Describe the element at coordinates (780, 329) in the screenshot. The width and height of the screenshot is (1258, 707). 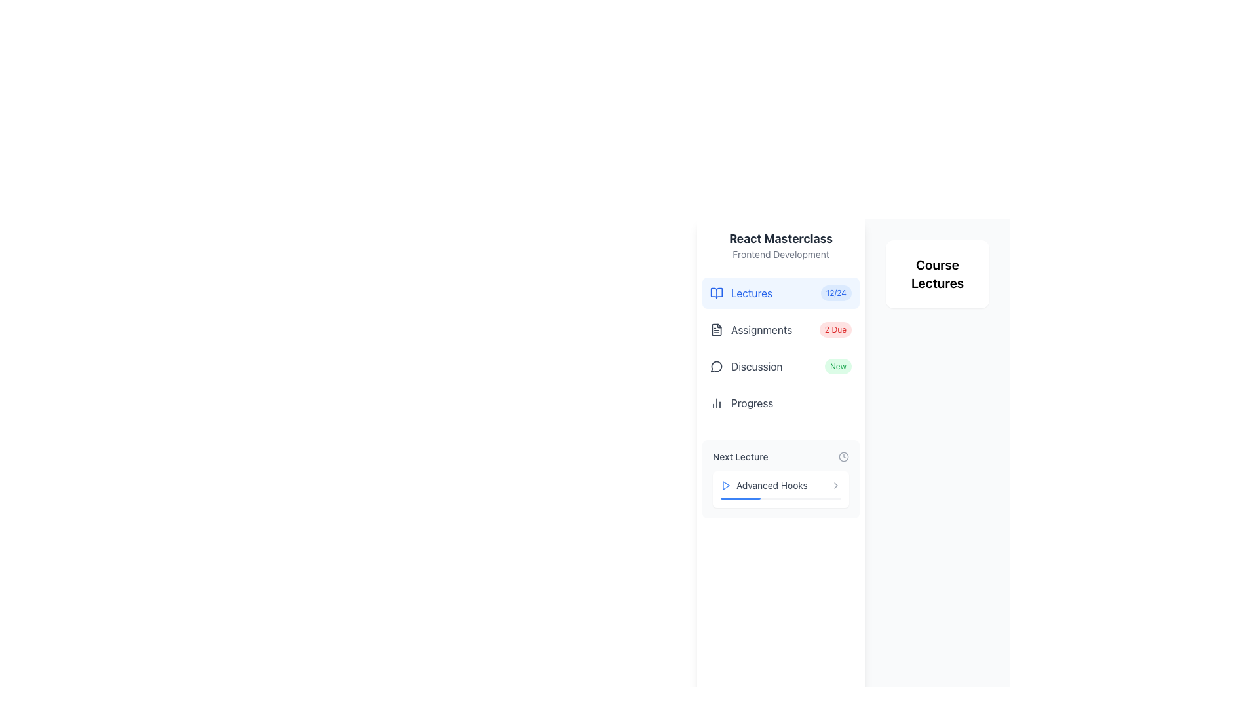
I see `the interactive list item labeled 'Assignments'` at that location.